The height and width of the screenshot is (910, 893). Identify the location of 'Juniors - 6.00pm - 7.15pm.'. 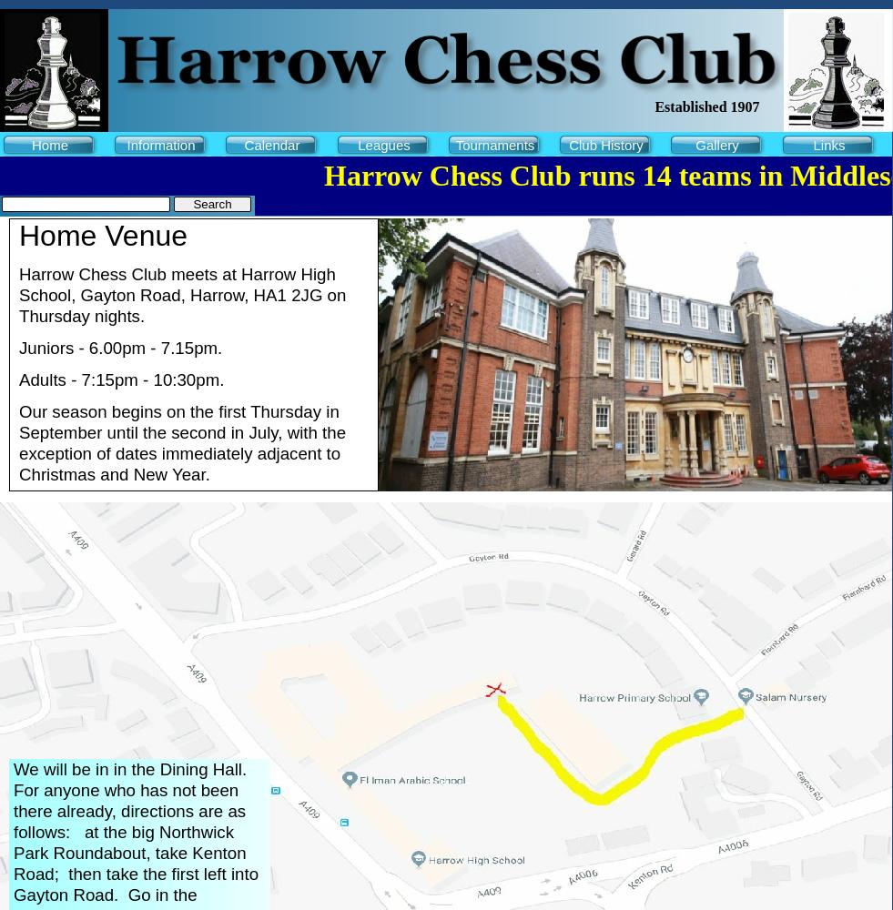
(129, 348).